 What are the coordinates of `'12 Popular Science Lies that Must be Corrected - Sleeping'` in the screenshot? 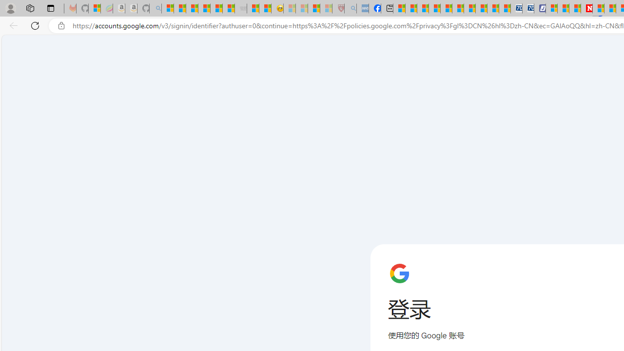 It's located at (326, 8).